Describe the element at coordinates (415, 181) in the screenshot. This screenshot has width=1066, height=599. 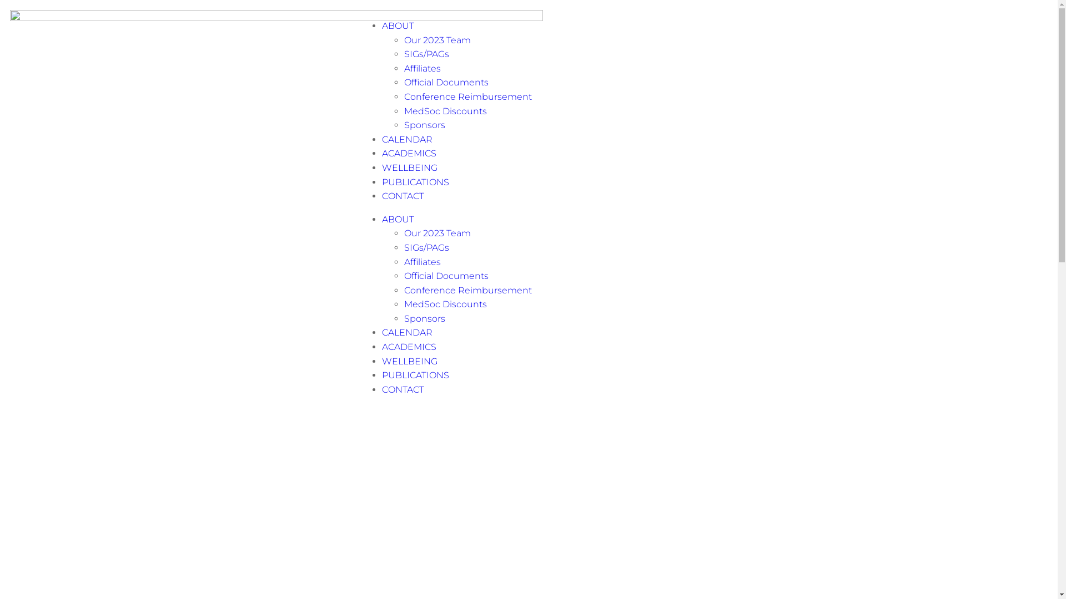
I see `'PUBLICATIONS'` at that location.